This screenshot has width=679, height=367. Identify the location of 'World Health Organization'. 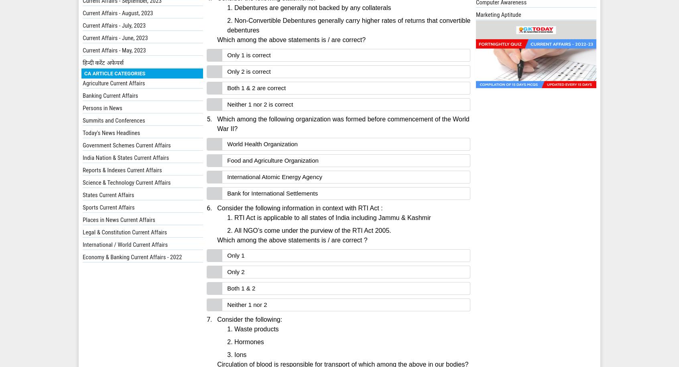
(262, 144).